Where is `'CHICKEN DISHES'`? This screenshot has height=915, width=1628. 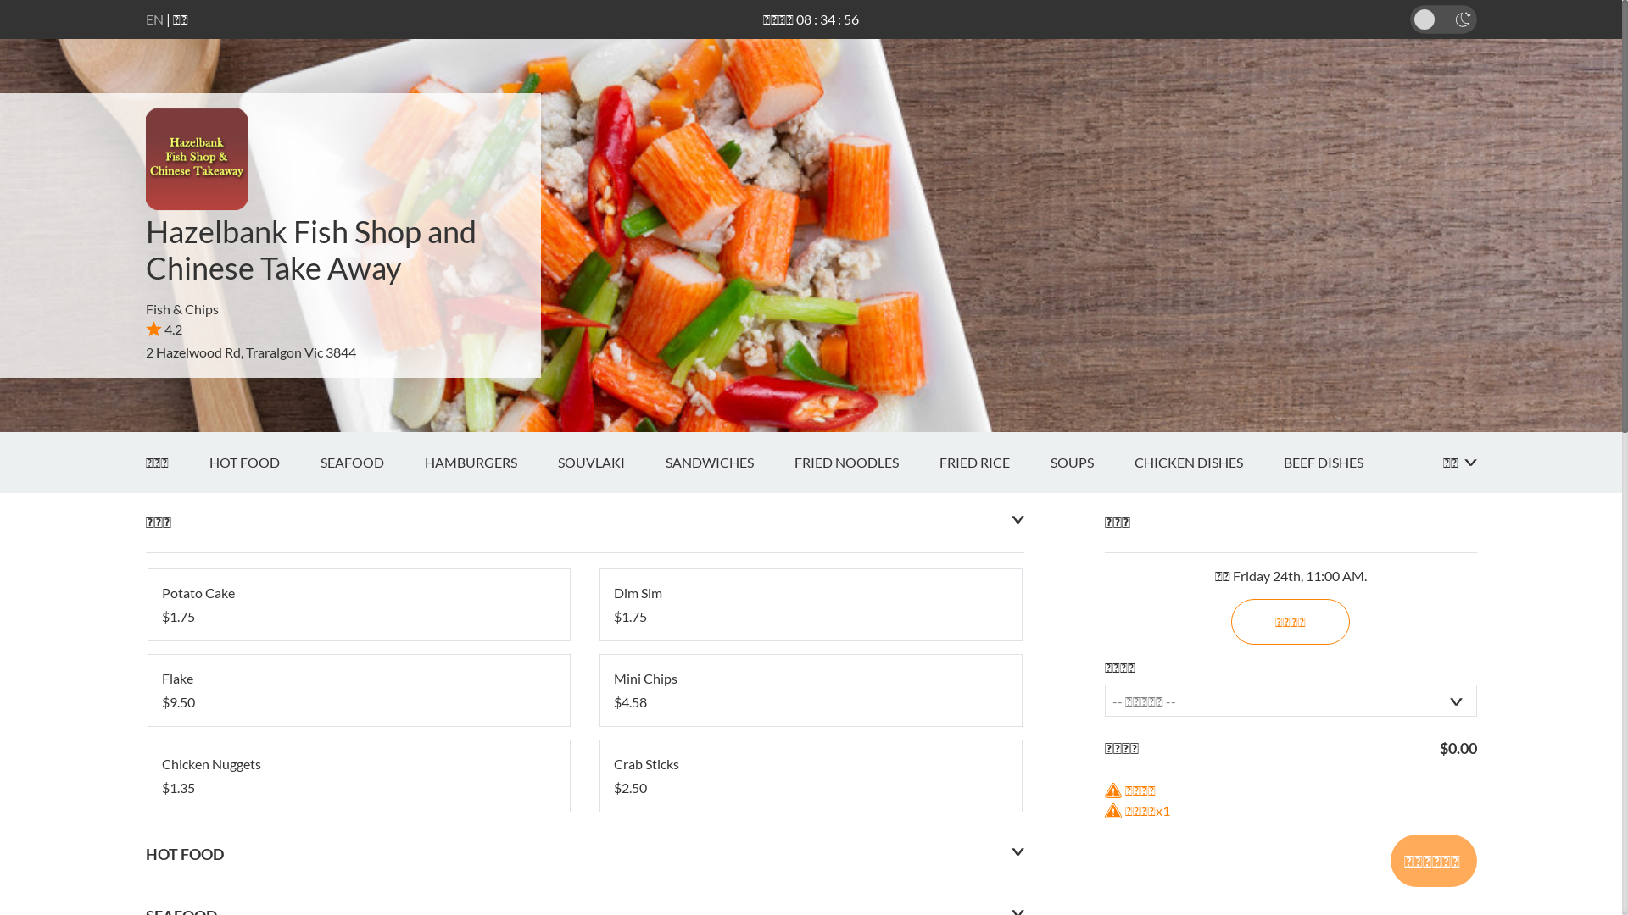
'CHICKEN DISHES' is located at coordinates (1207, 463).